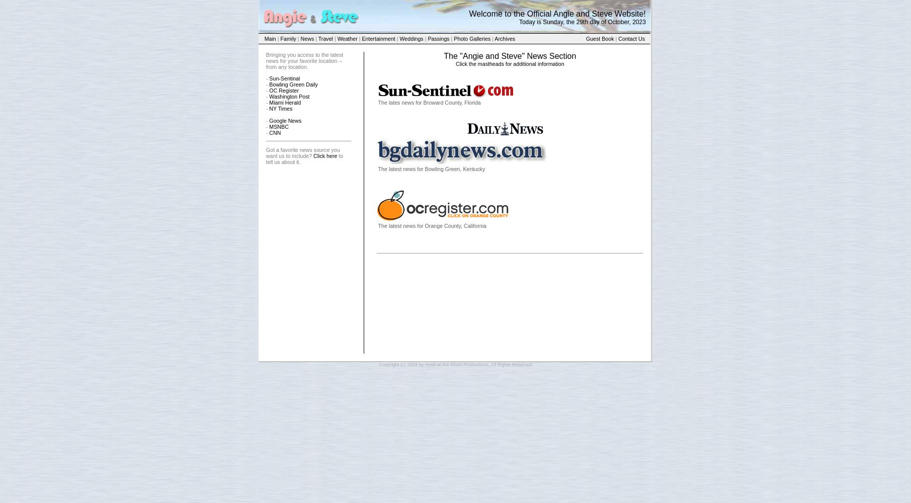 Image resolution: width=911 pixels, height=503 pixels. Describe the element at coordinates (377, 38) in the screenshot. I see `'Entertainment'` at that location.